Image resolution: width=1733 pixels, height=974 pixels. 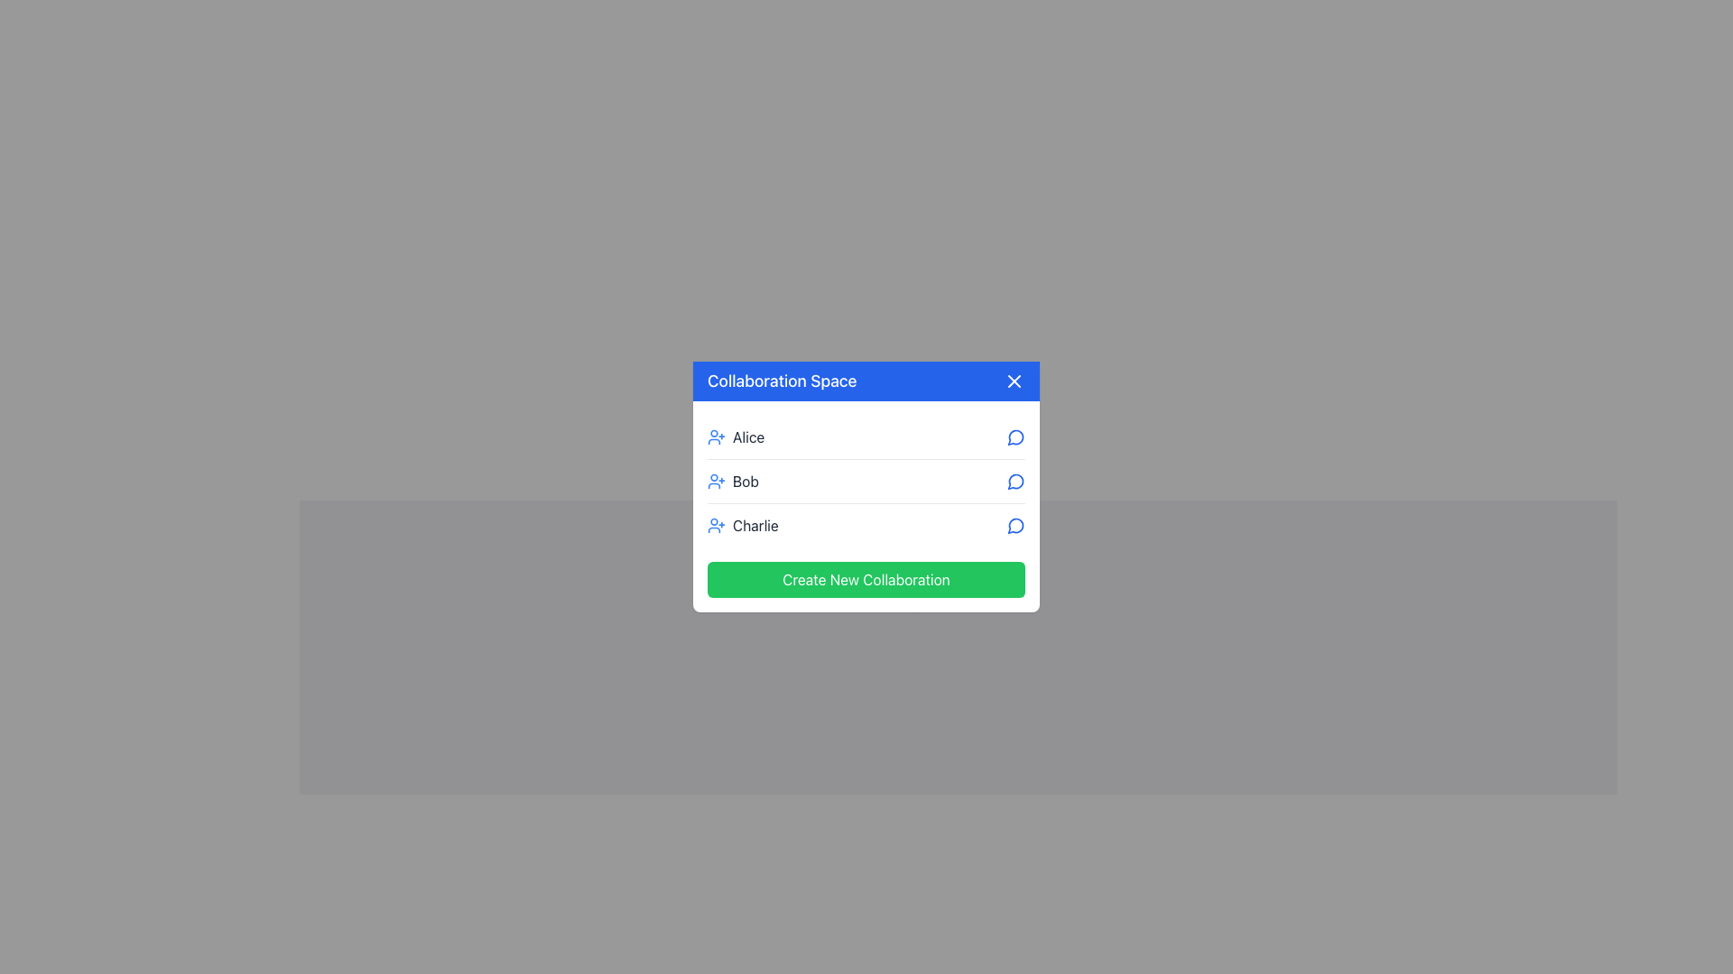 I want to click on the list item displaying the name 'Bob' within the 'Collaboration Space' card, so click(x=866, y=507).